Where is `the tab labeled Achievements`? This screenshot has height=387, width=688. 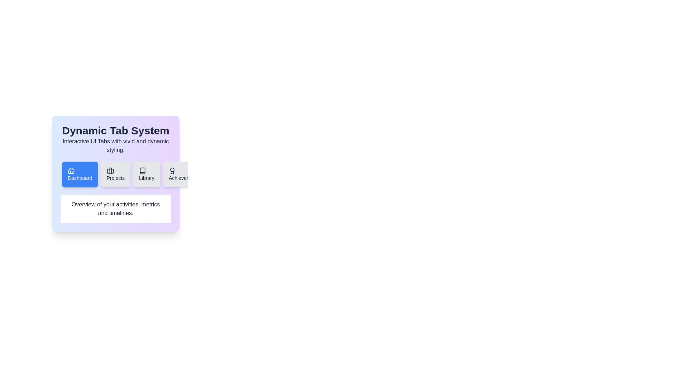
the tab labeled Achievements is located at coordinates (184, 174).